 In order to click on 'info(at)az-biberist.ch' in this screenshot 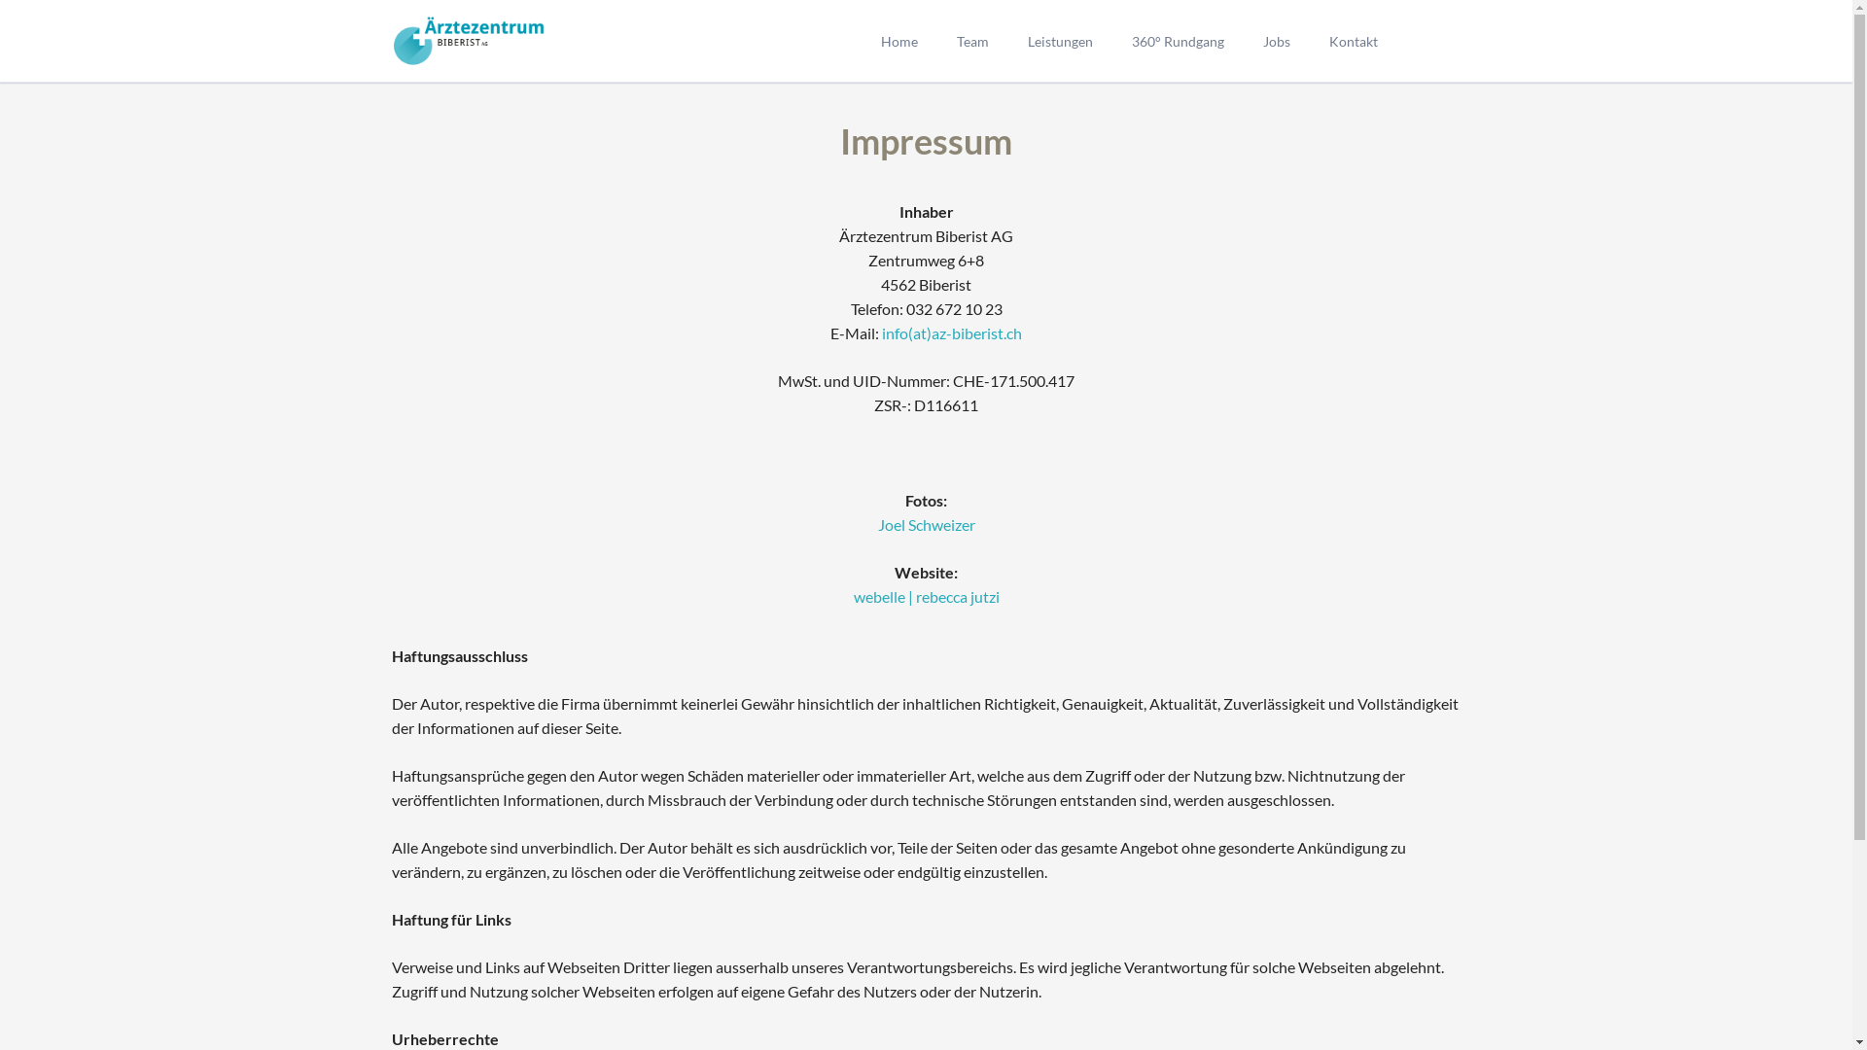, I will do `click(952, 332)`.